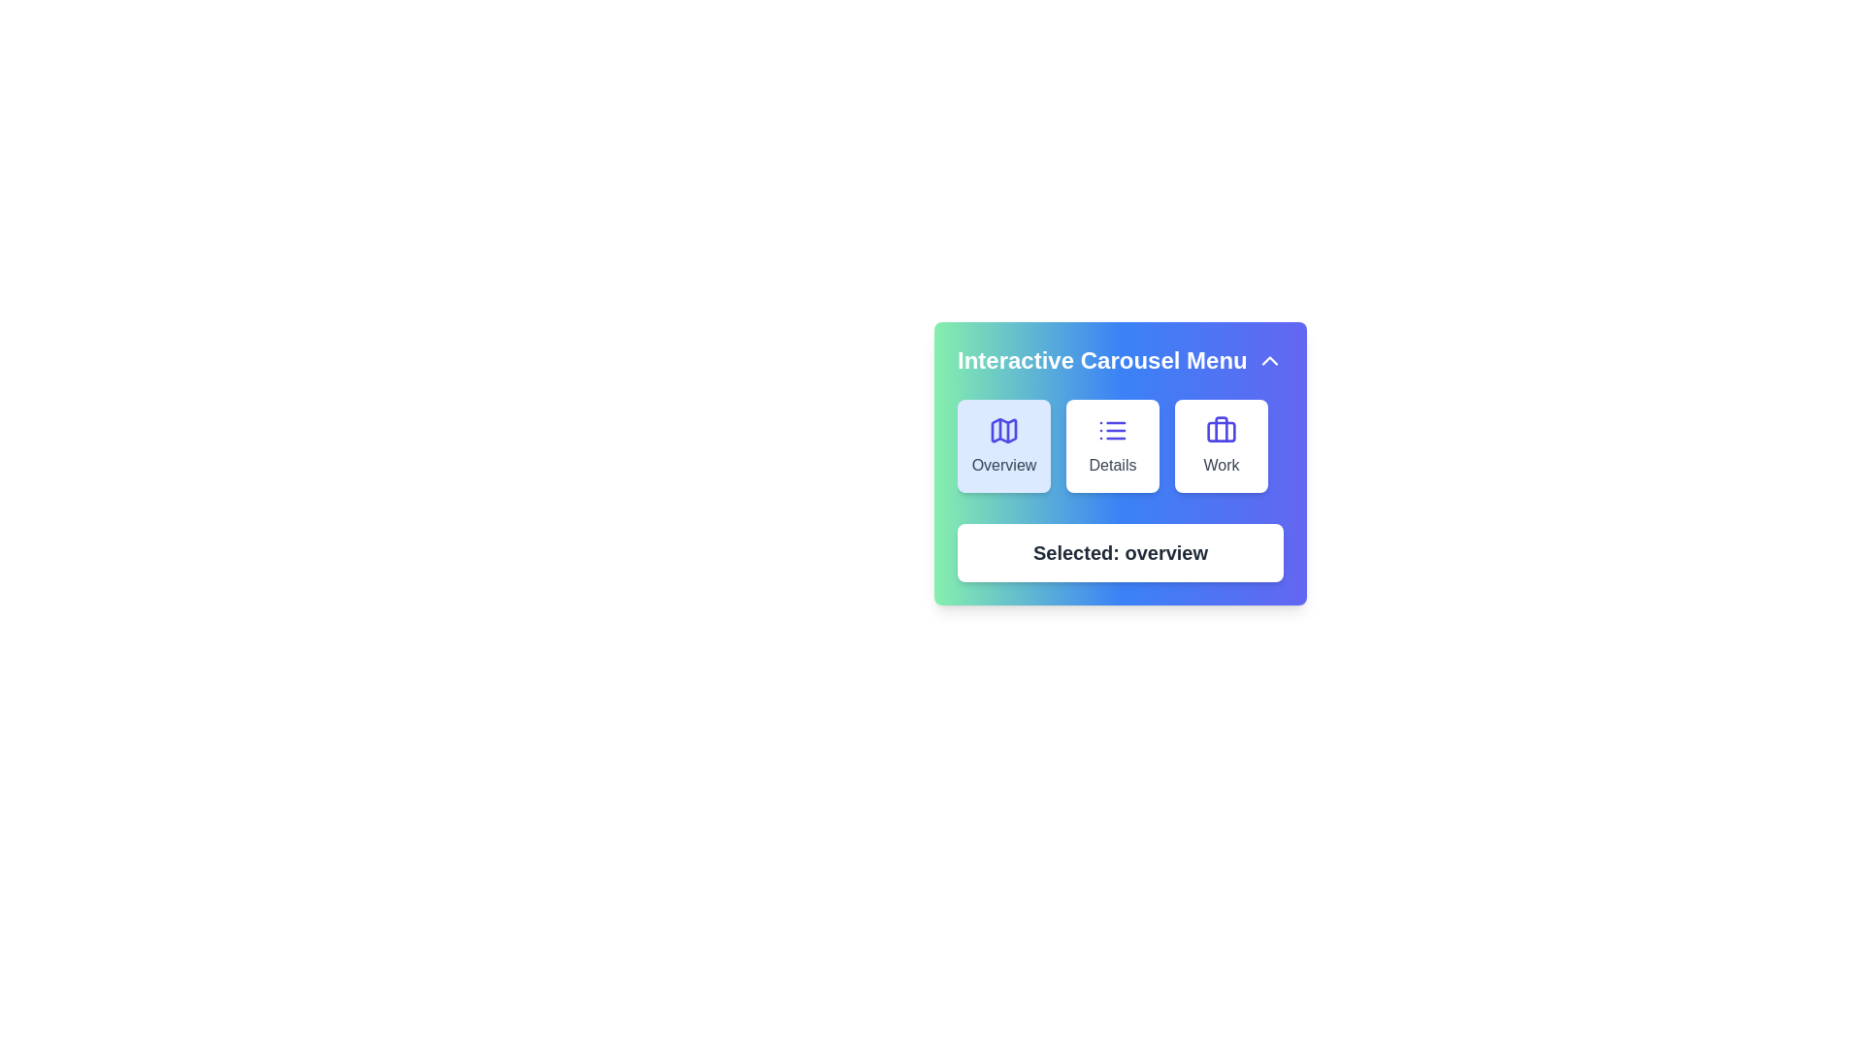 Image resolution: width=1863 pixels, height=1048 pixels. What do you see at coordinates (1220, 445) in the screenshot?
I see `the menu item Work to reveal its hover effect` at bounding box center [1220, 445].